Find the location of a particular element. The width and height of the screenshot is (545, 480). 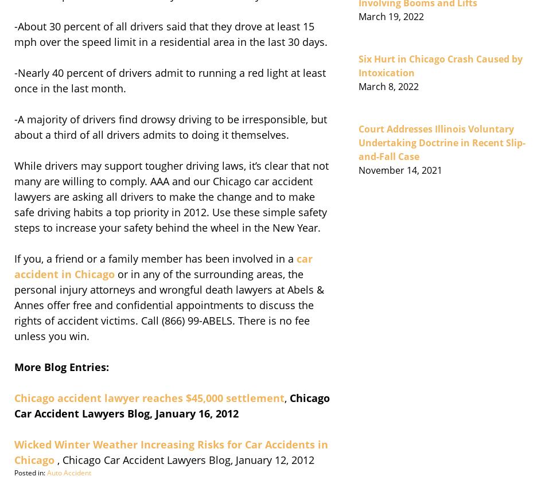

'March 19, 2022' is located at coordinates (391, 16).